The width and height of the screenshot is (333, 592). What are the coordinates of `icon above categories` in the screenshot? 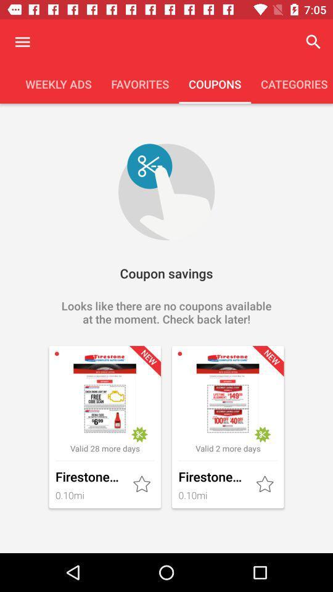 It's located at (313, 42).